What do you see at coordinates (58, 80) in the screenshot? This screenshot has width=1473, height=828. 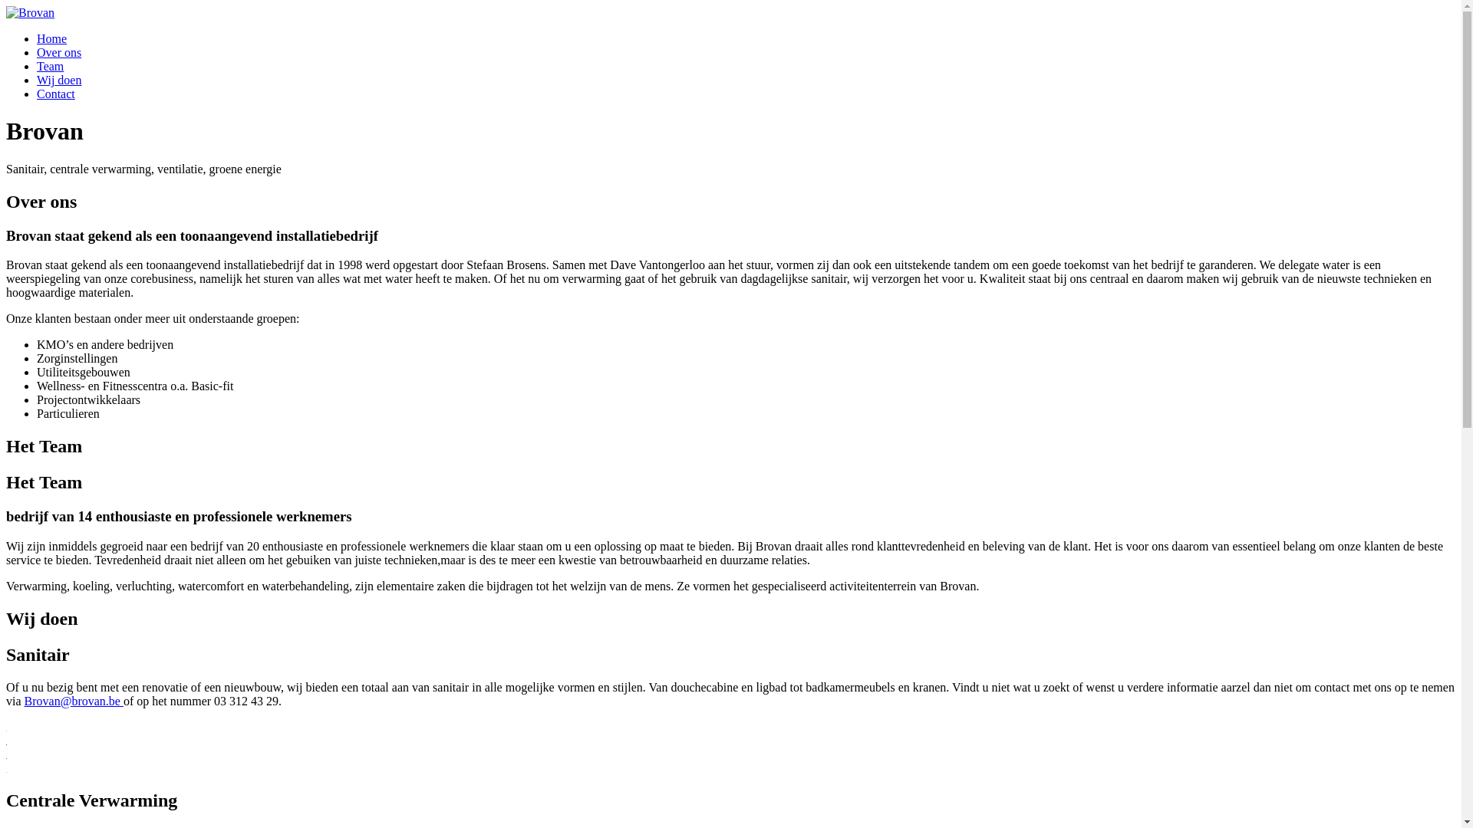 I see `'Wij doen'` at bounding box center [58, 80].